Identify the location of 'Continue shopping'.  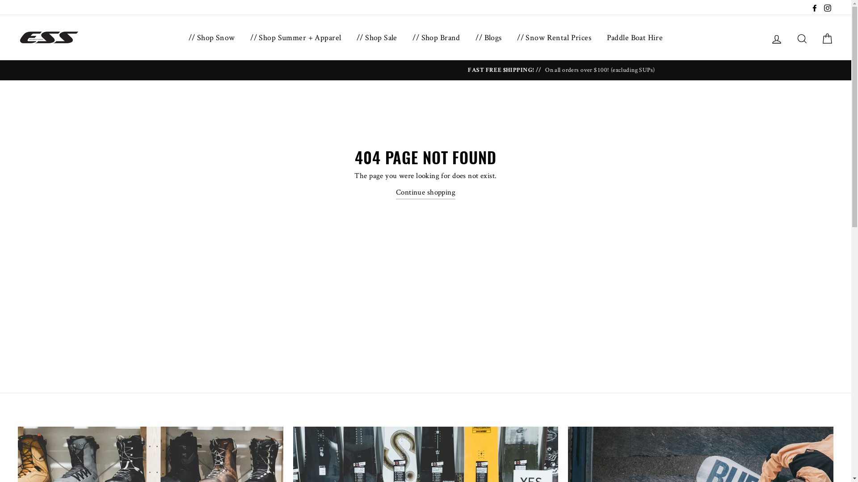
(395, 192).